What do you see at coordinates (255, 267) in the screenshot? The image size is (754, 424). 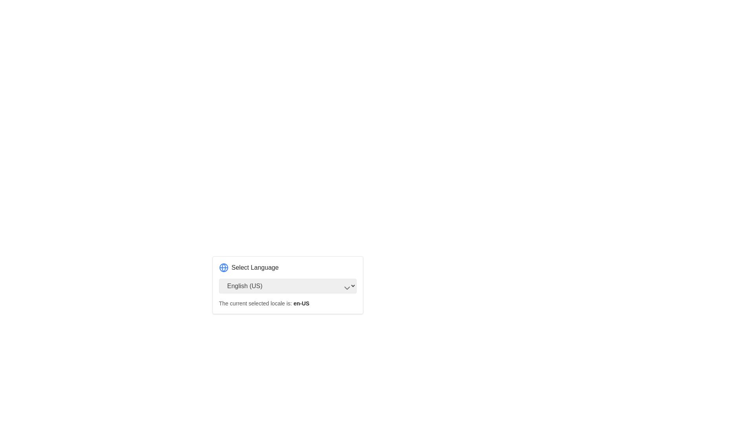 I see `the 'Select Language' static text label, which is styled in dark gray and positioned above the language dropdown field` at bounding box center [255, 267].